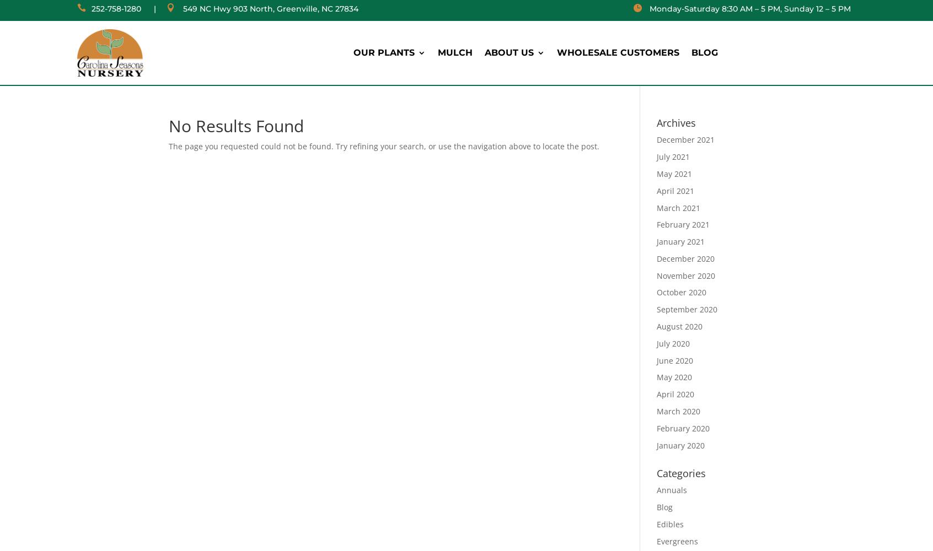 The width and height of the screenshot is (933, 551). Describe the element at coordinates (500, 195) in the screenshot. I see `'Cool Weather Vegetables'` at that location.